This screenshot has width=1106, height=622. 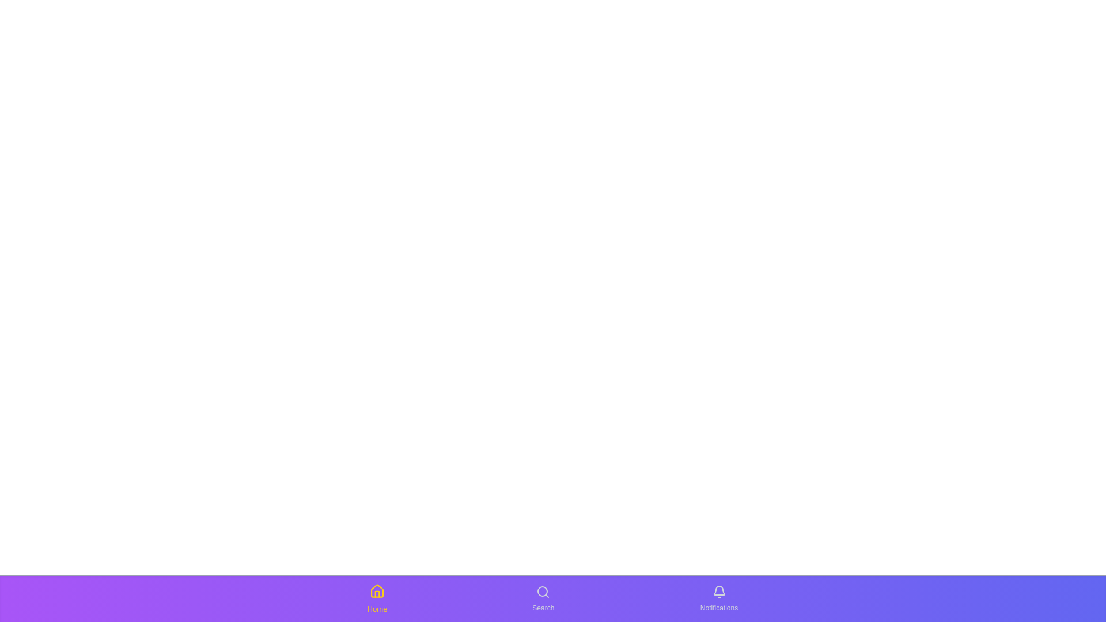 What do you see at coordinates (377, 598) in the screenshot?
I see `the Home icon` at bounding box center [377, 598].